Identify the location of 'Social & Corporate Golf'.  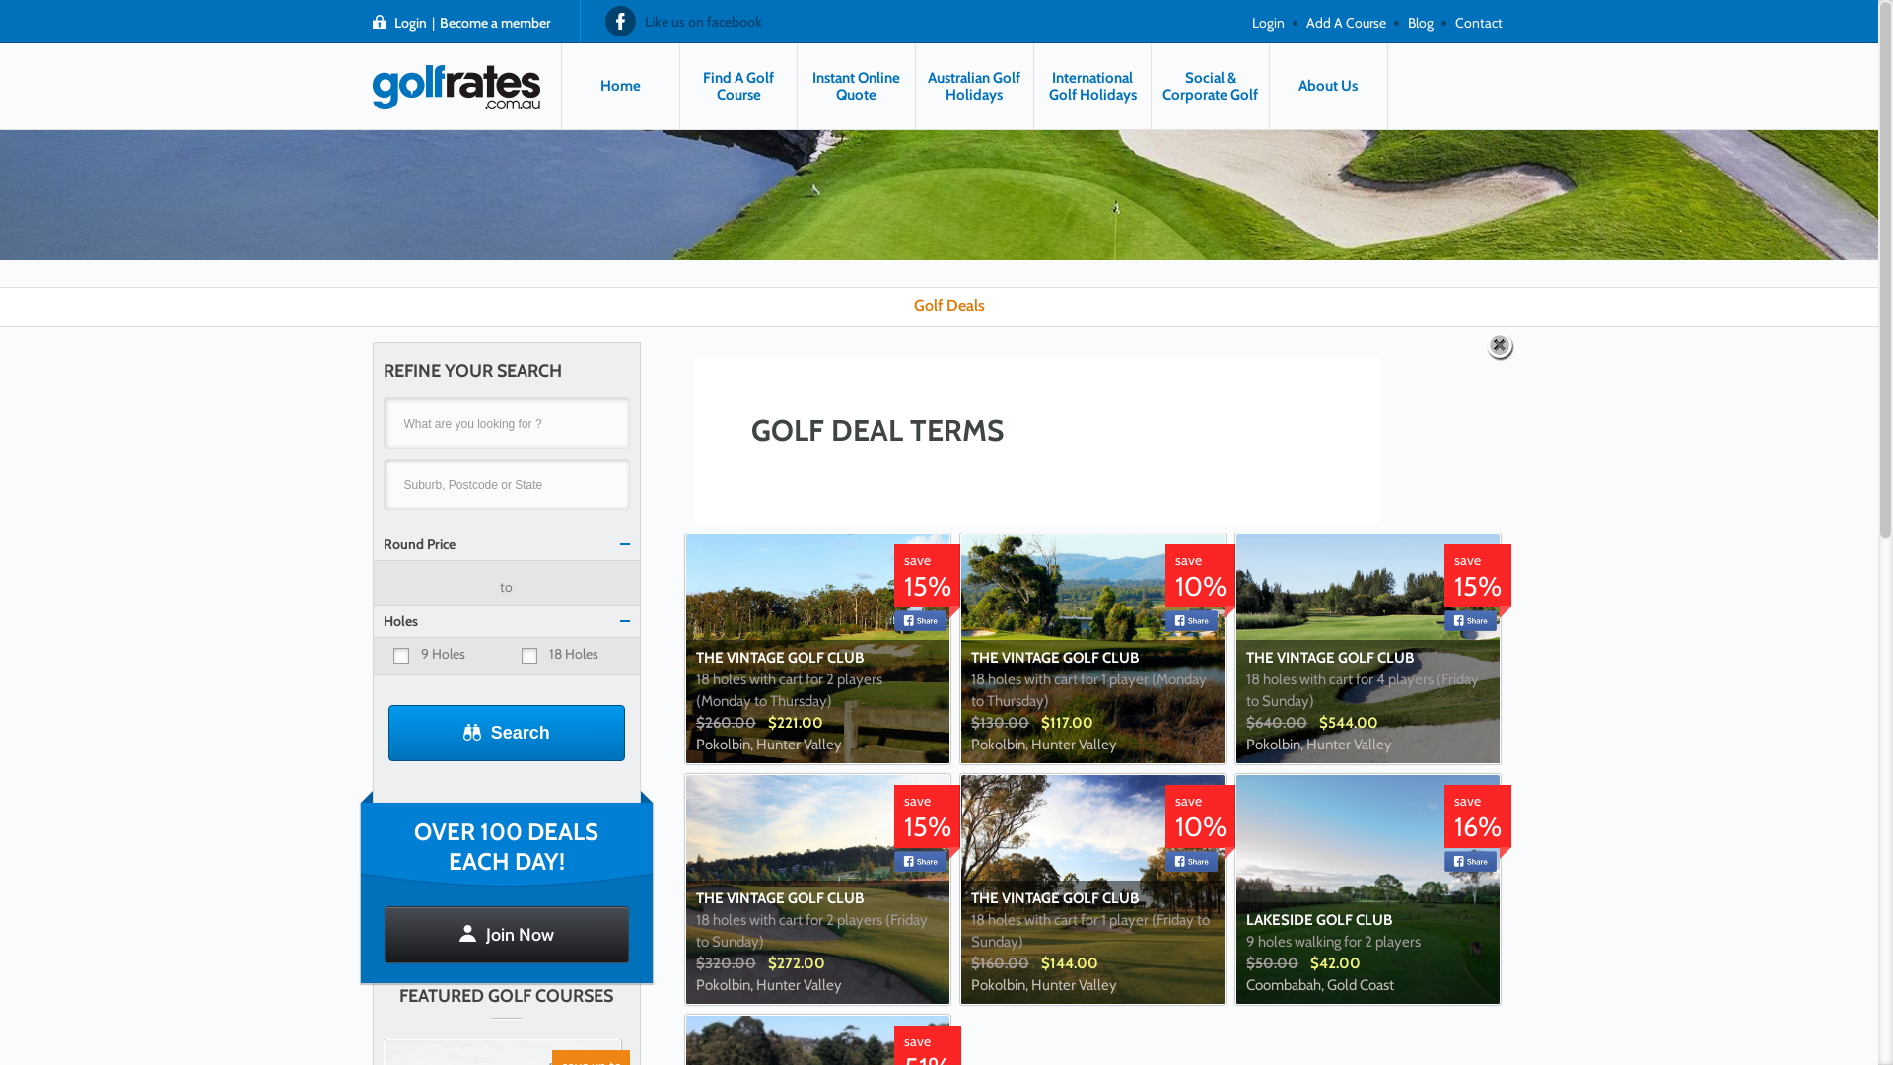
(1151, 85).